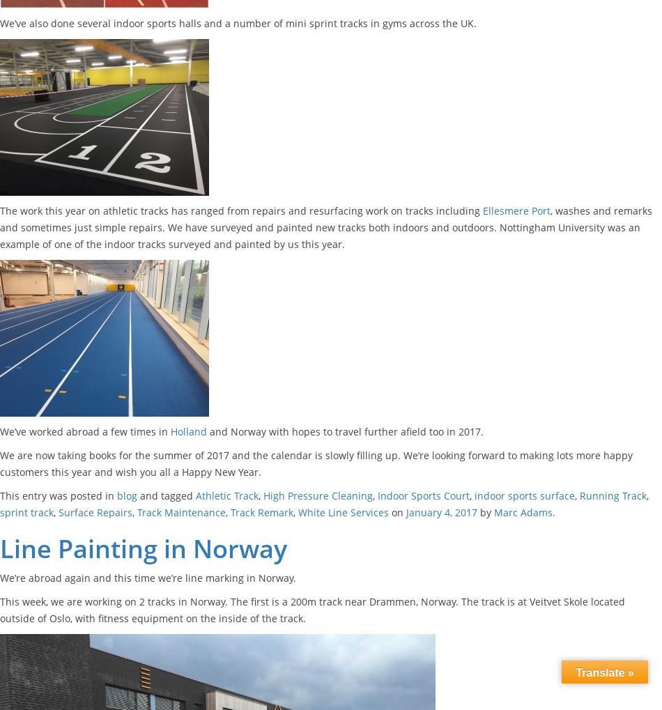 The width and height of the screenshot is (662, 710). Describe the element at coordinates (486, 512) in the screenshot. I see `'by'` at that location.